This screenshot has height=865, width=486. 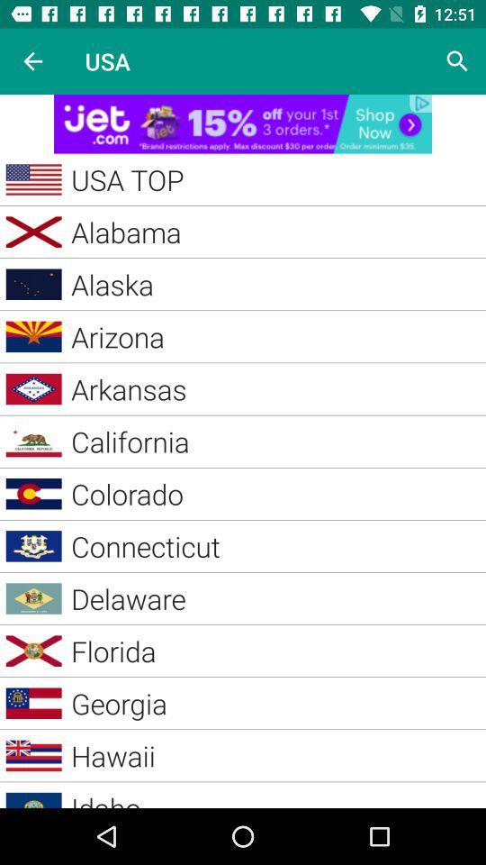 What do you see at coordinates (243, 123) in the screenshot?
I see `advertisement link` at bounding box center [243, 123].